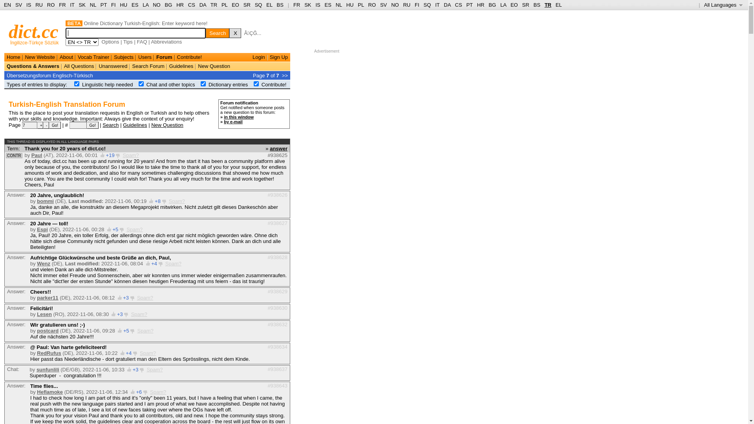 Image resolution: width=754 pixels, height=424 pixels. Describe the element at coordinates (176, 201) in the screenshot. I see `'Spam?'` at that location.